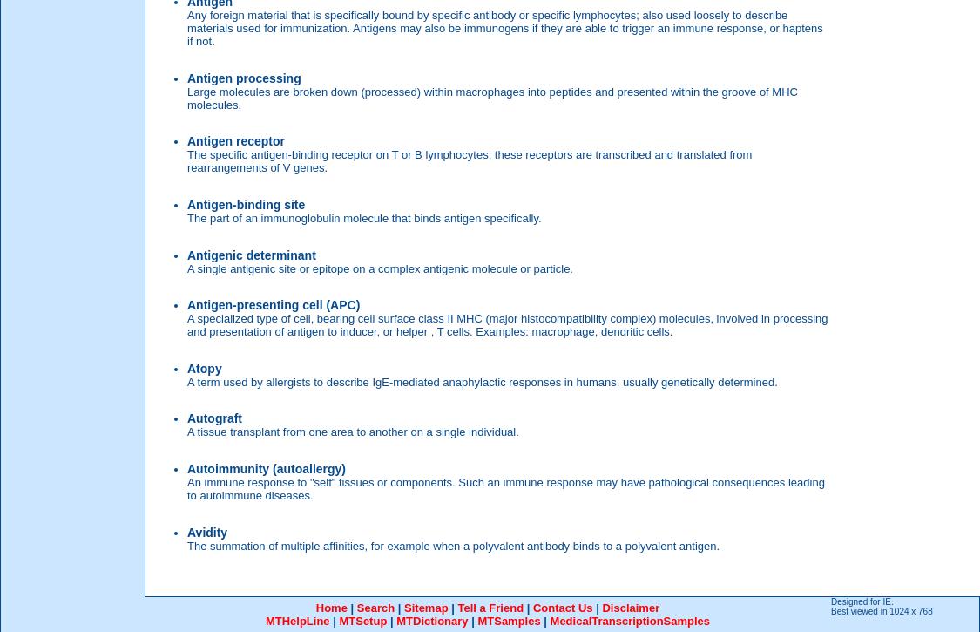 The height and width of the screenshot is (632, 980). What do you see at coordinates (375, 606) in the screenshot?
I see `'Search'` at bounding box center [375, 606].